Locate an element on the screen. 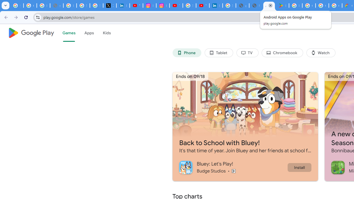 The width and height of the screenshot is (354, 199). 'Games' is located at coordinates (68, 33).